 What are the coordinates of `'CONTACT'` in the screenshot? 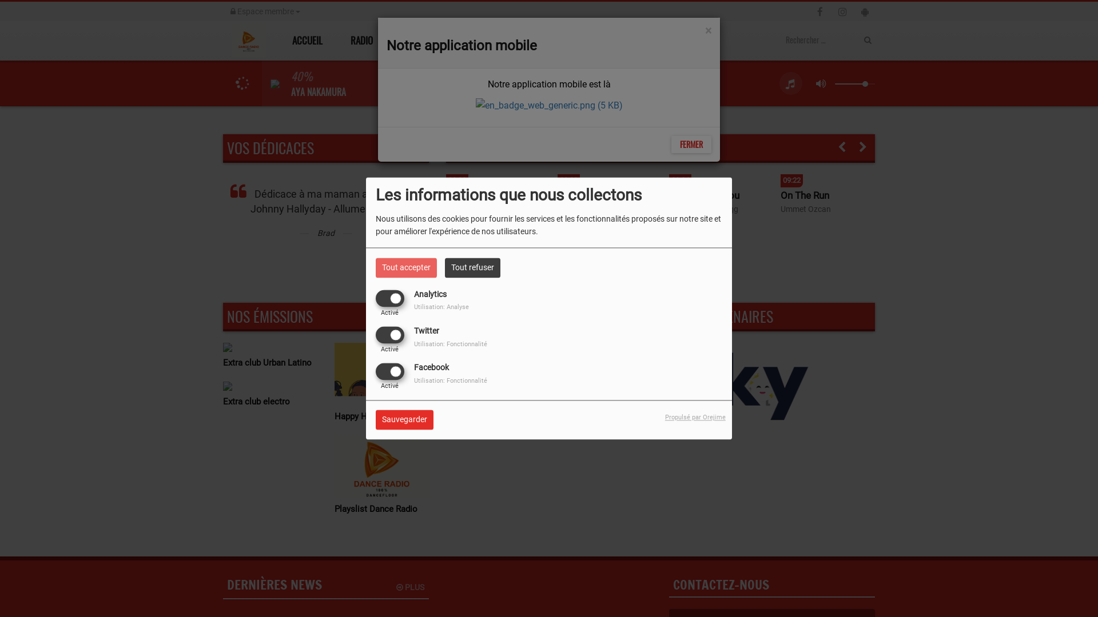 It's located at (608, 39).